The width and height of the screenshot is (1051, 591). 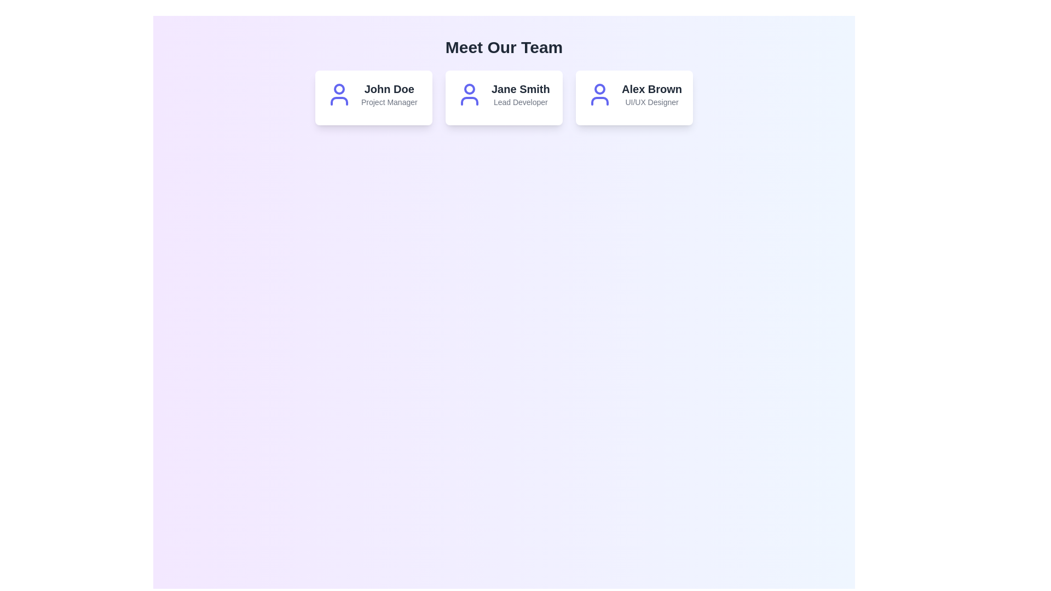 What do you see at coordinates (470, 88) in the screenshot?
I see `the circular head representation in the user profile icon for 'Jane Smith', the Lead Developer, which is located at the top of the central card` at bounding box center [470, 88].